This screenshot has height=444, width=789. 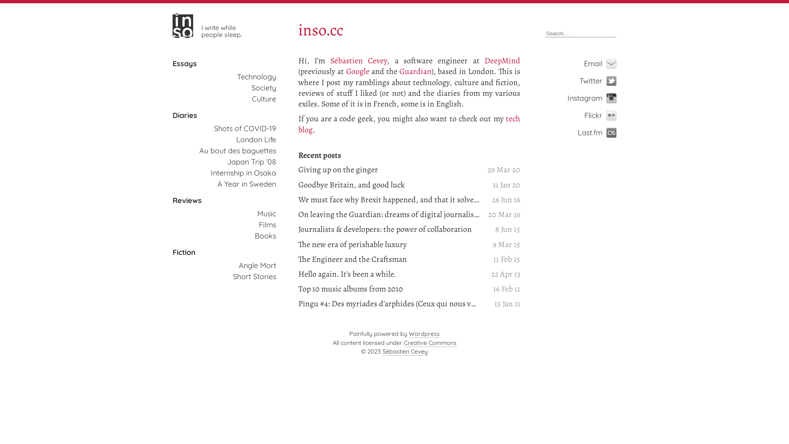 I want to click on 'Instagram', so click(x=592, y=98).